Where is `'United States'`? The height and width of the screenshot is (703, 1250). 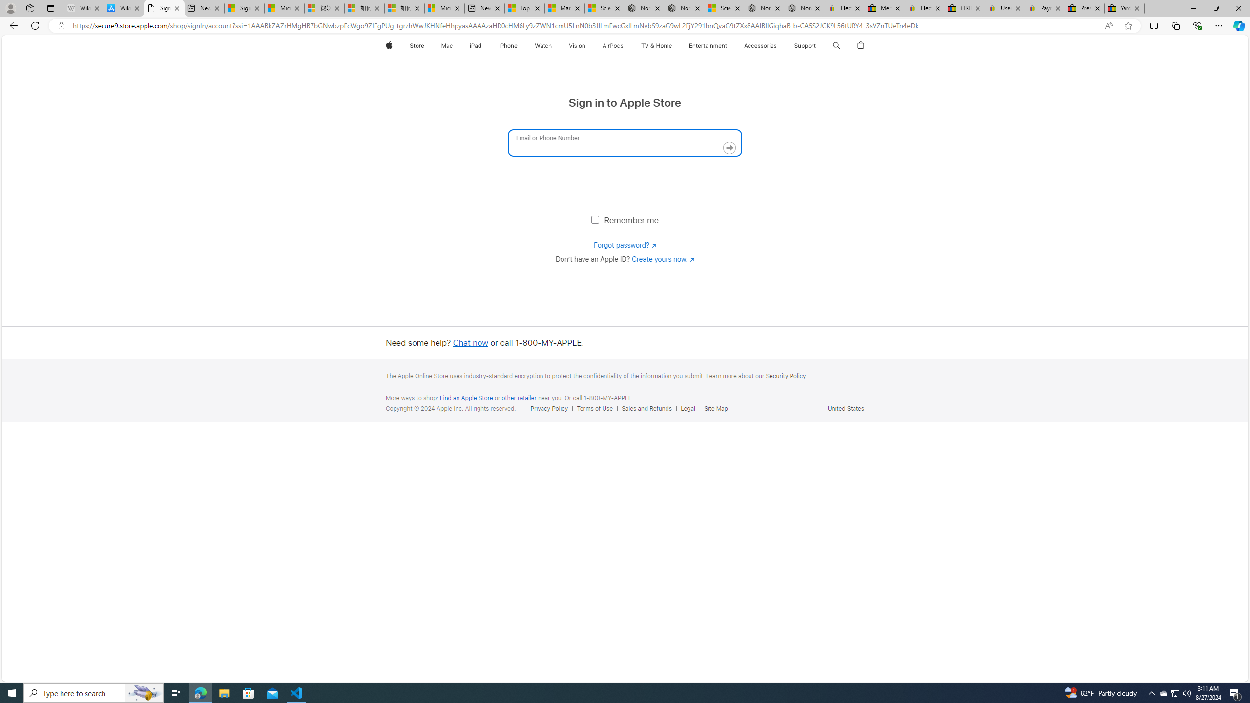
'United States' is located at coordinates (845, 408).